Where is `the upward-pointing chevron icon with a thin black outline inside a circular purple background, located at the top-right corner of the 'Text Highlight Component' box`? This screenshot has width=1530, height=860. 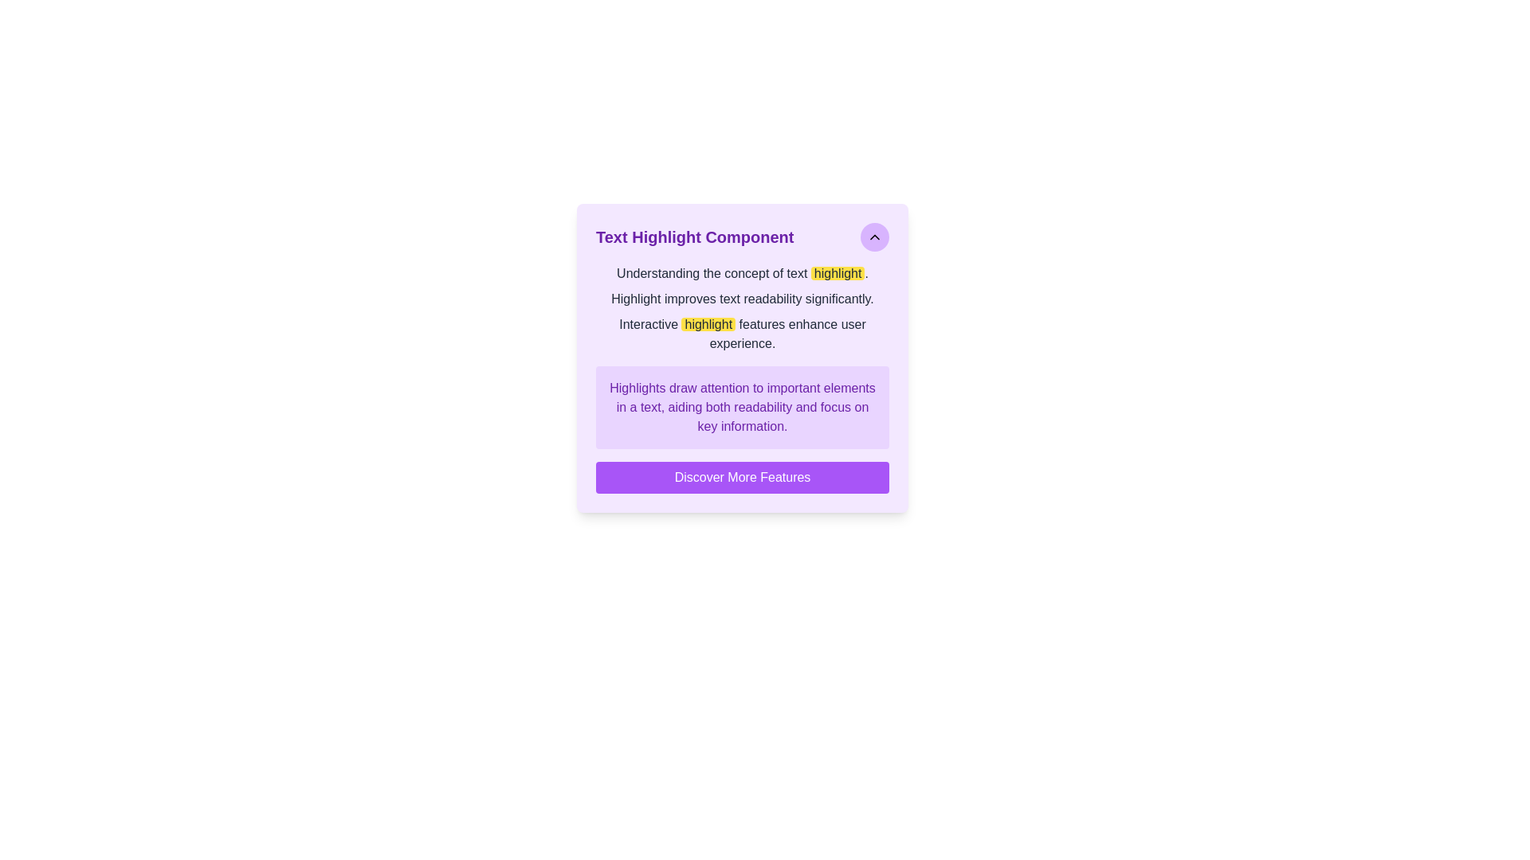
the upward-pointing chevron icon with a thin black outline inside a circular purple background, located at the top-right corner of the 'Text Highlight Component' box is located at coordinates (874, 236).